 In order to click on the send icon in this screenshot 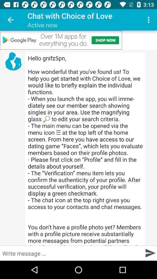, I will do `click(150, 253)`.